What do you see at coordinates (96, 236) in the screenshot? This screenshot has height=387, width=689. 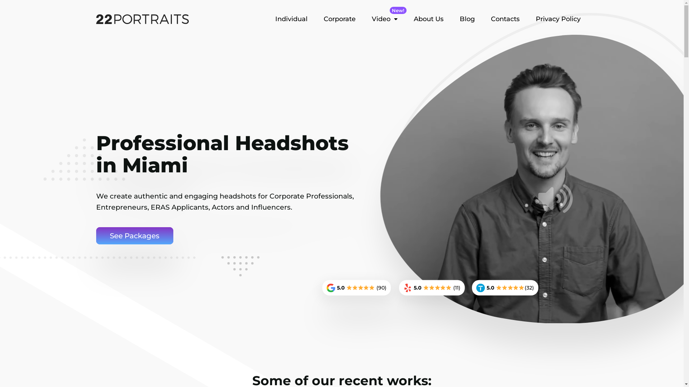 I see `'See Packages'` at bounding box center [96, 236].